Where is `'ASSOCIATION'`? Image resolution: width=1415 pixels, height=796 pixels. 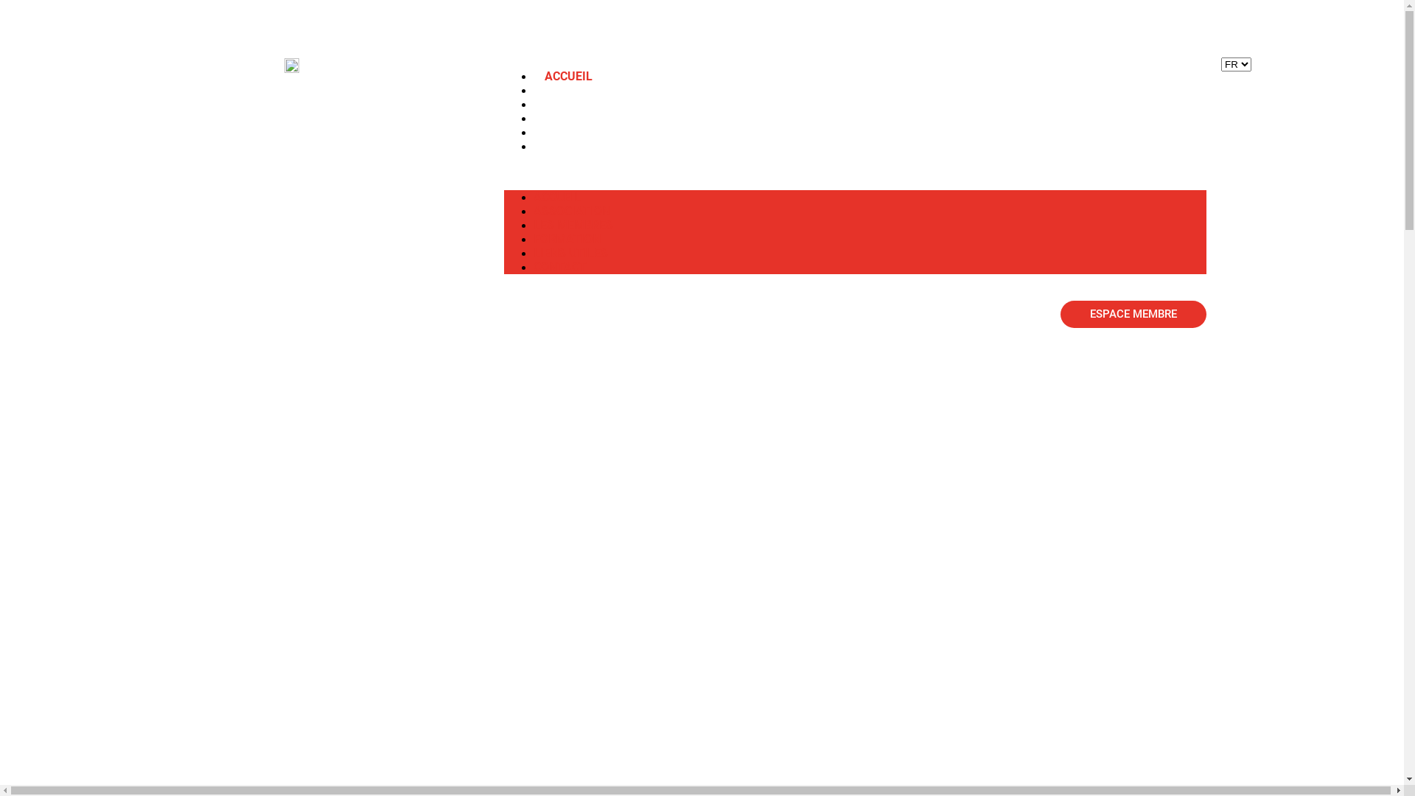
'ASSOCIATION' is located at coordinates (571, 211).